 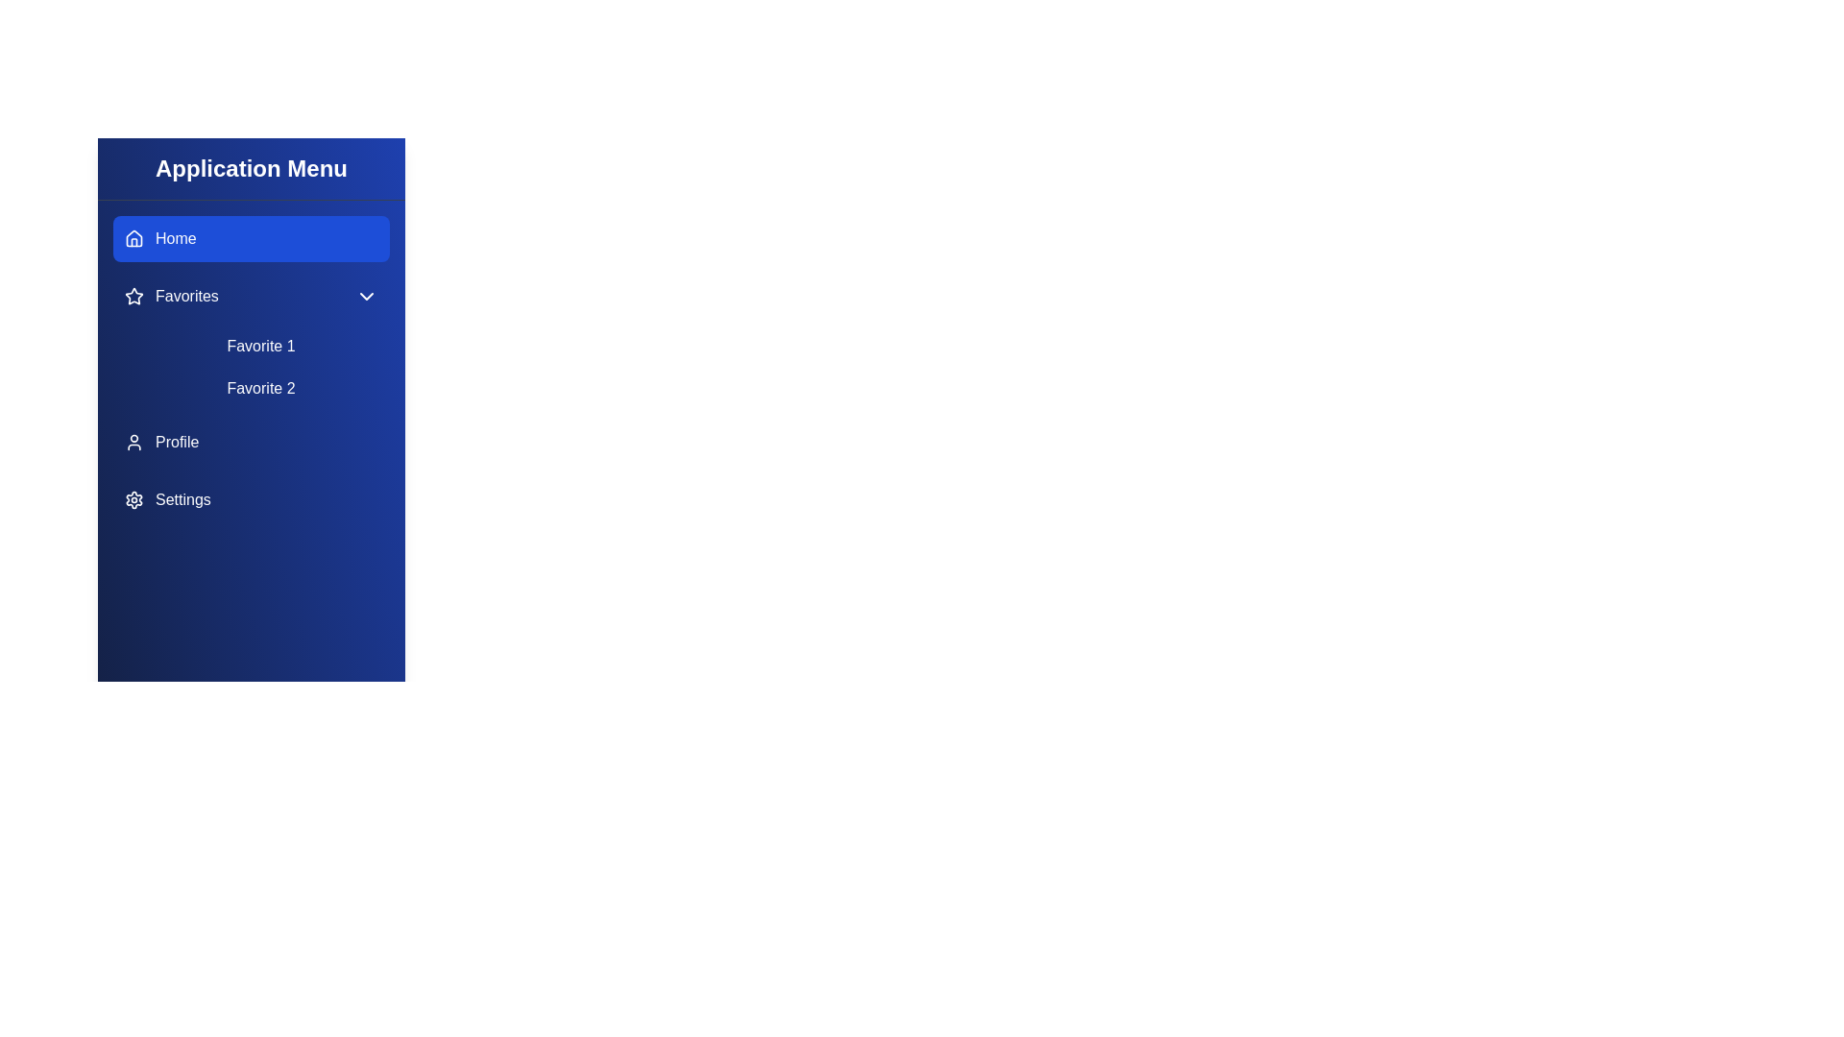 I want to click on the fourth item, so click(x=251, y=443).